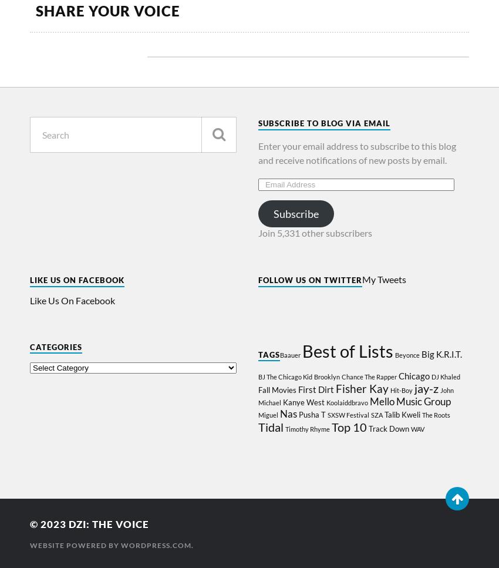 This screenshot has width=499, height=568. Describe the element at coordinates (315, 388) in the screenshot. I see `'First Dirt'` at that location.